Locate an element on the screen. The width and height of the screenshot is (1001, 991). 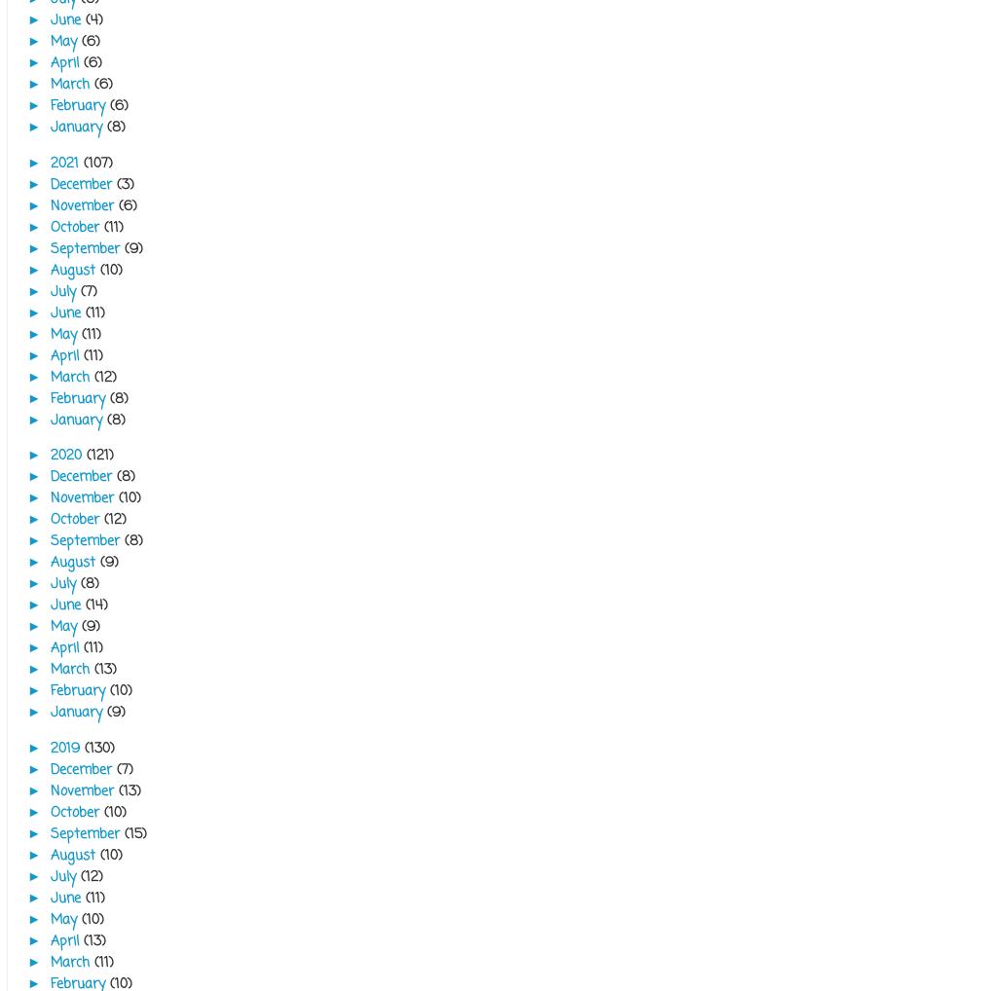
'(107)' is located at coordinates (96, 162).